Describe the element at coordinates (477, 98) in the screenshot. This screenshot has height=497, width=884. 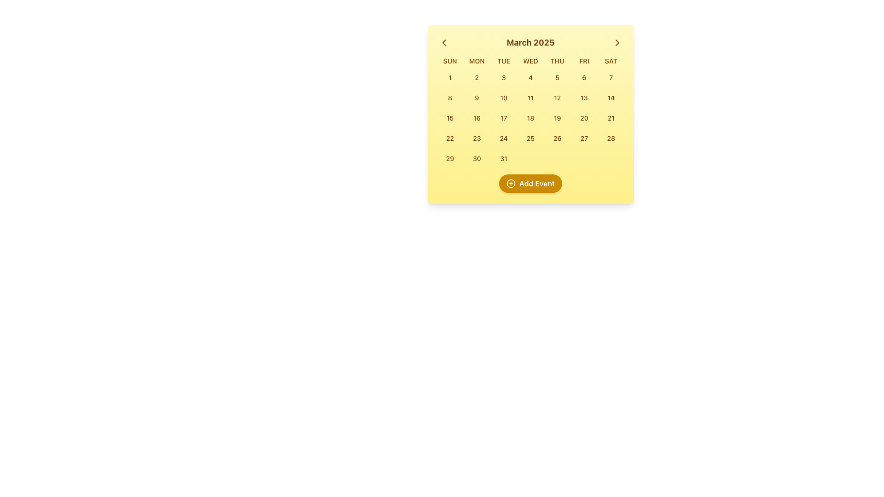
I see `the calendar day cell representing the 9th day of the month` at that location.